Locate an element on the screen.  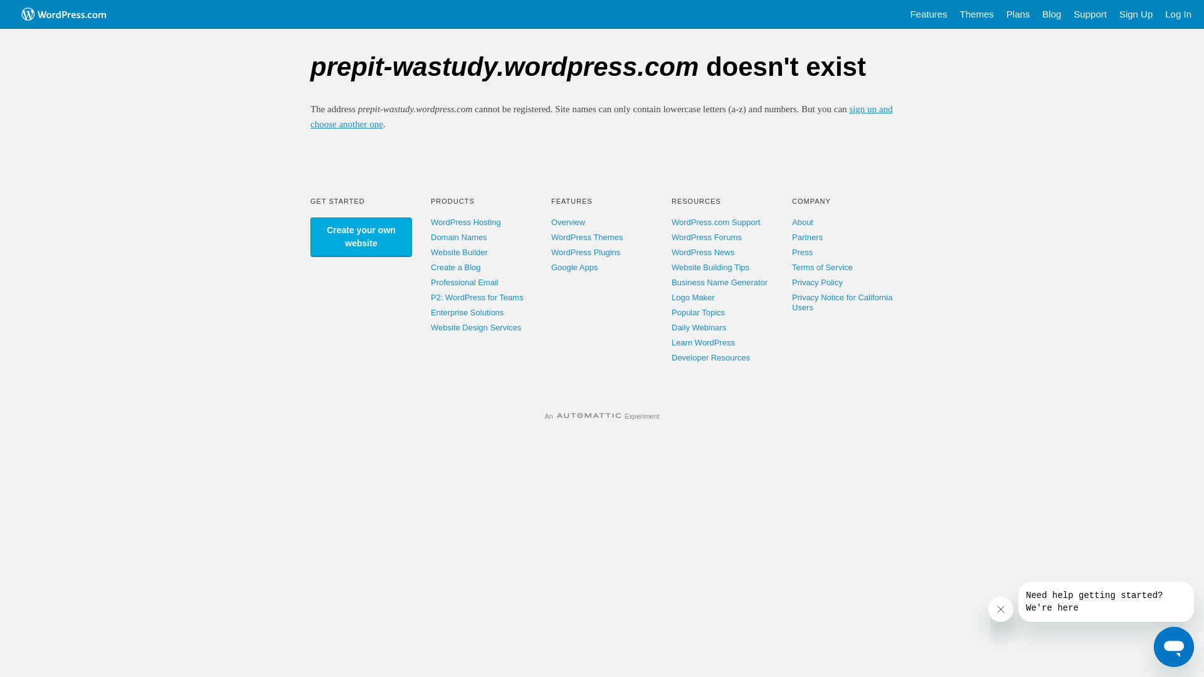
'Partners' is located at coordinates (807, 237).